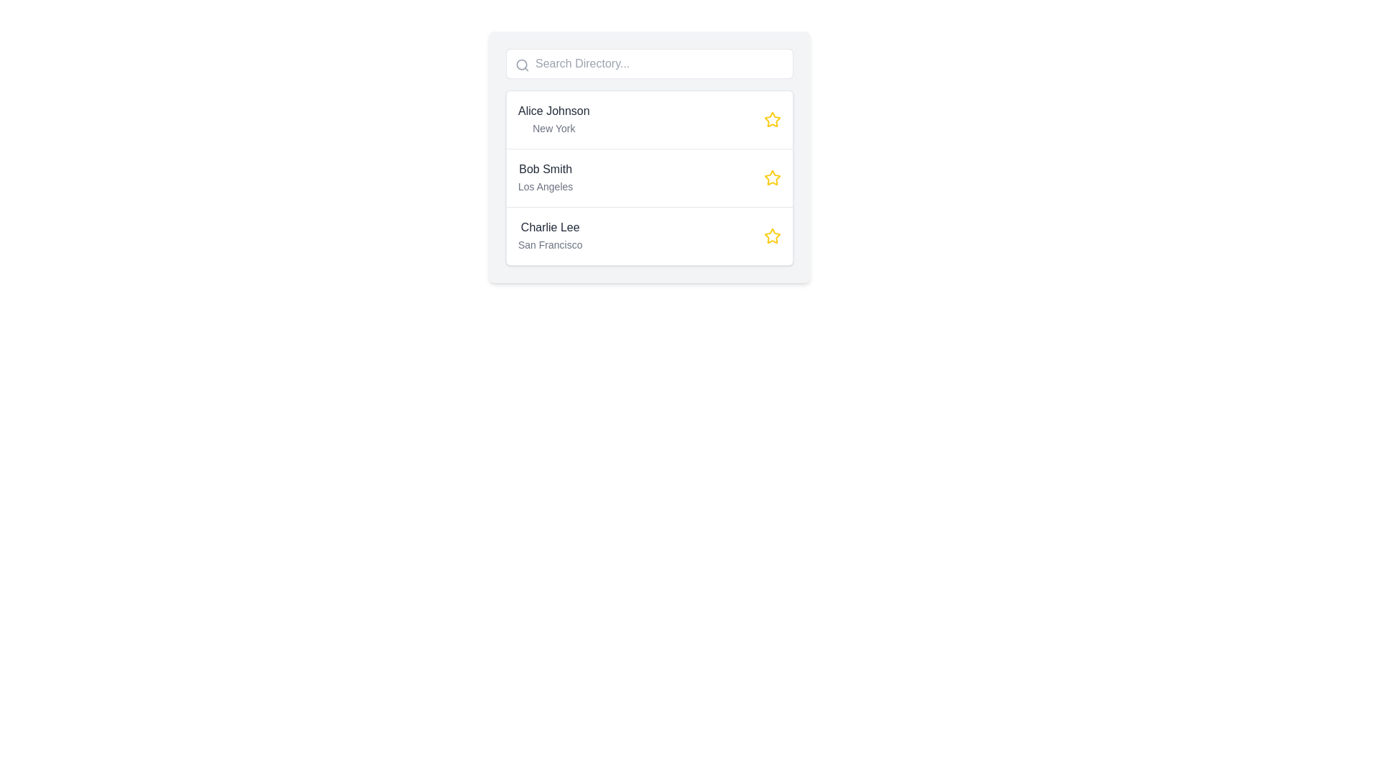 This screenshot has width=1380, height=776. I want to click on text label displaying the name 'Charlie Lee', which is the main descriptor in the third entry of the list above 'San Francisco', so click(549, 226).